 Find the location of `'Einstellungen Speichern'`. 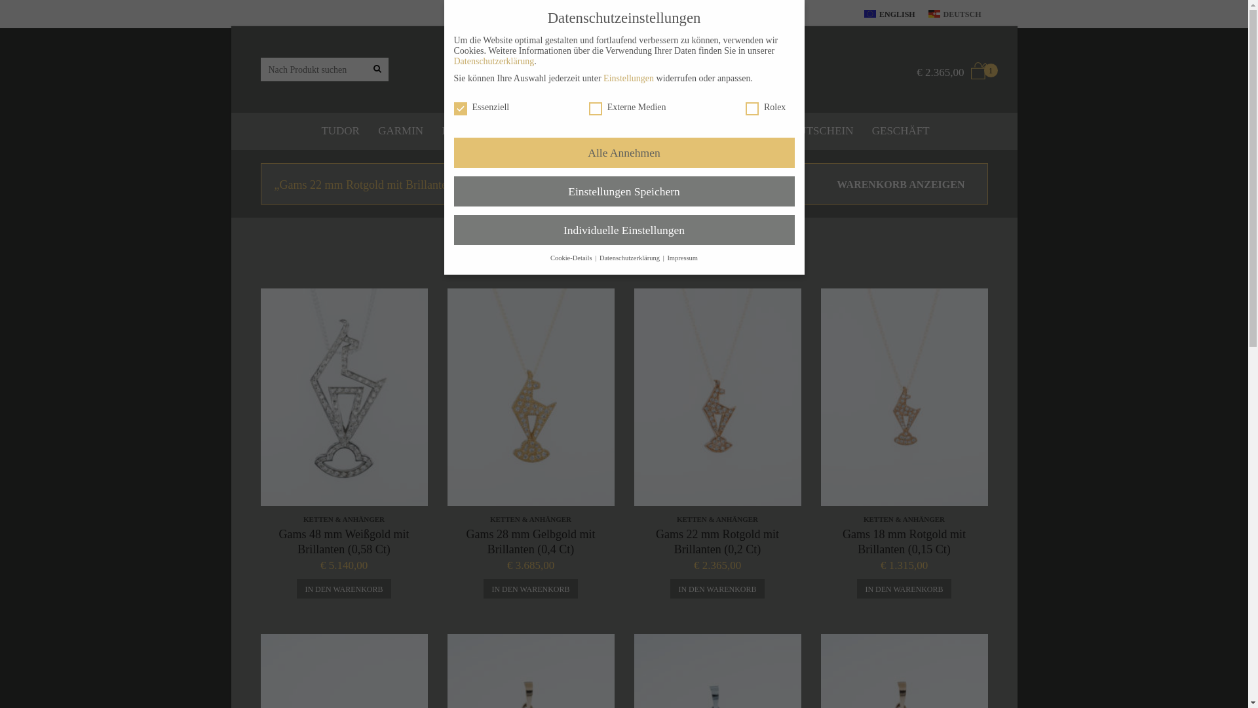

'Einstellungen Speichern' is located at coordinates (622, 191).